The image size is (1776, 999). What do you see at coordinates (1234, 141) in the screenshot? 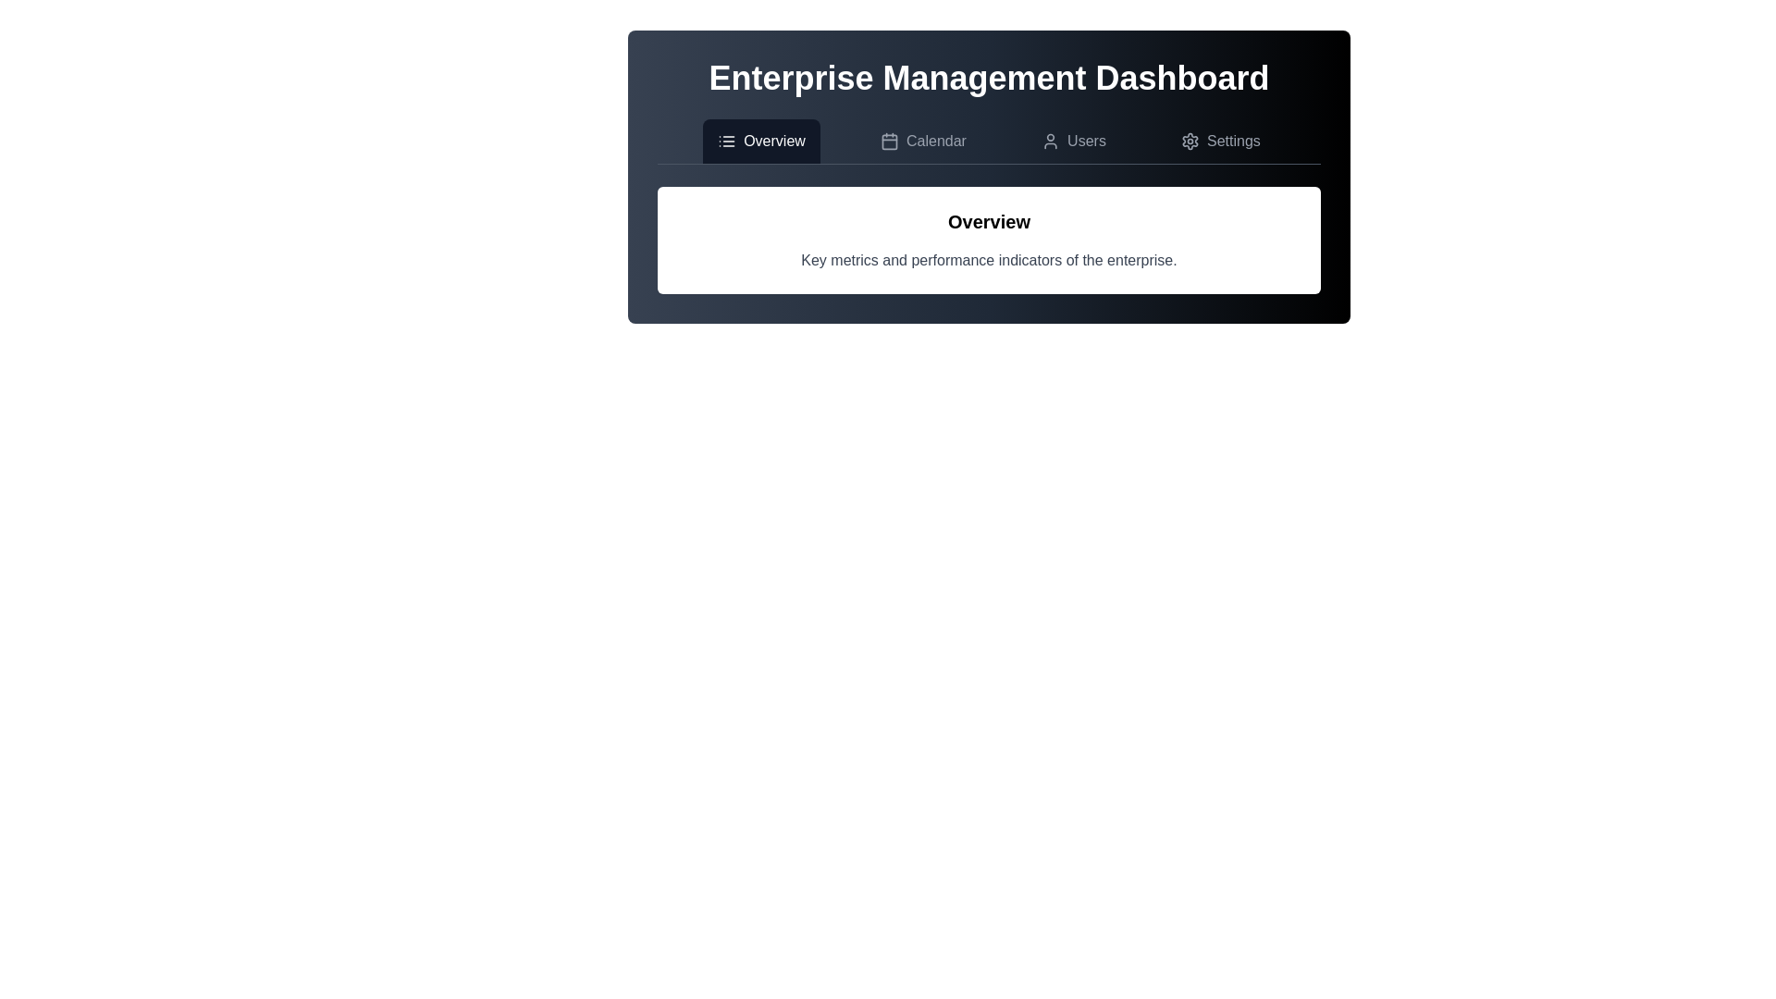
I see `the 'Settings' text label located in the top-right section of the interface, styled in white on a dark background and positioned next to a gear icon` at bounding box center [1234, 141].